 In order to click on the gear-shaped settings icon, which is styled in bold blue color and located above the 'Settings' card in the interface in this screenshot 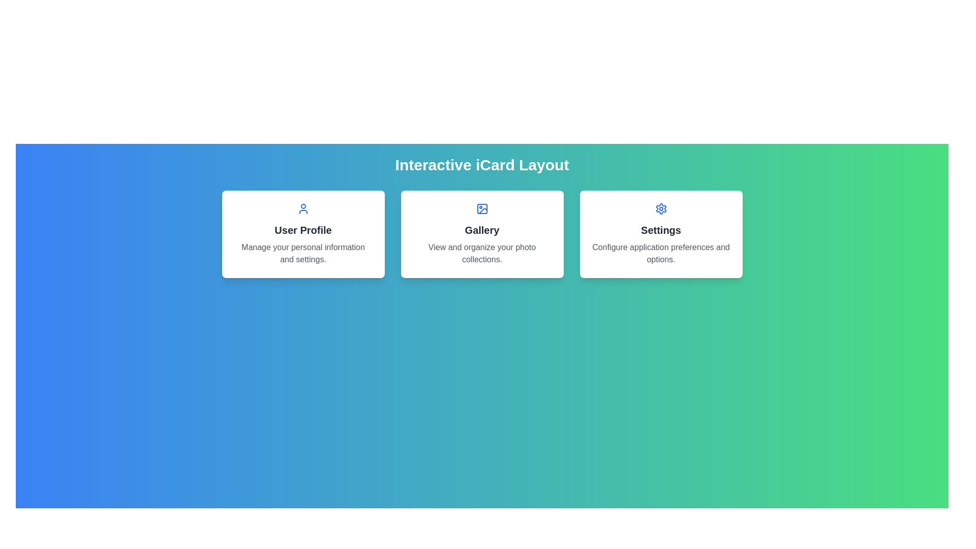, I will do `click(661, 208)`.